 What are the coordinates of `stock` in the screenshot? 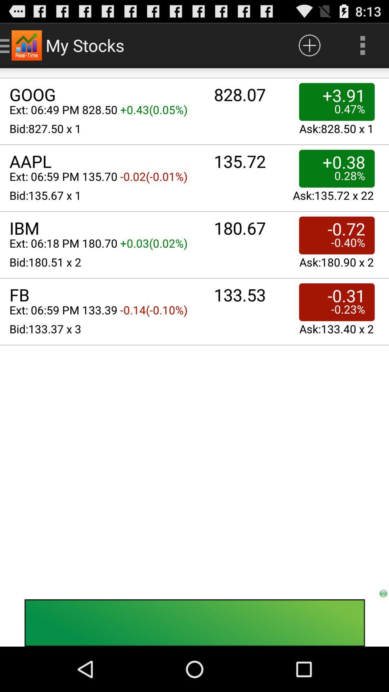 It's located at (309, 45).